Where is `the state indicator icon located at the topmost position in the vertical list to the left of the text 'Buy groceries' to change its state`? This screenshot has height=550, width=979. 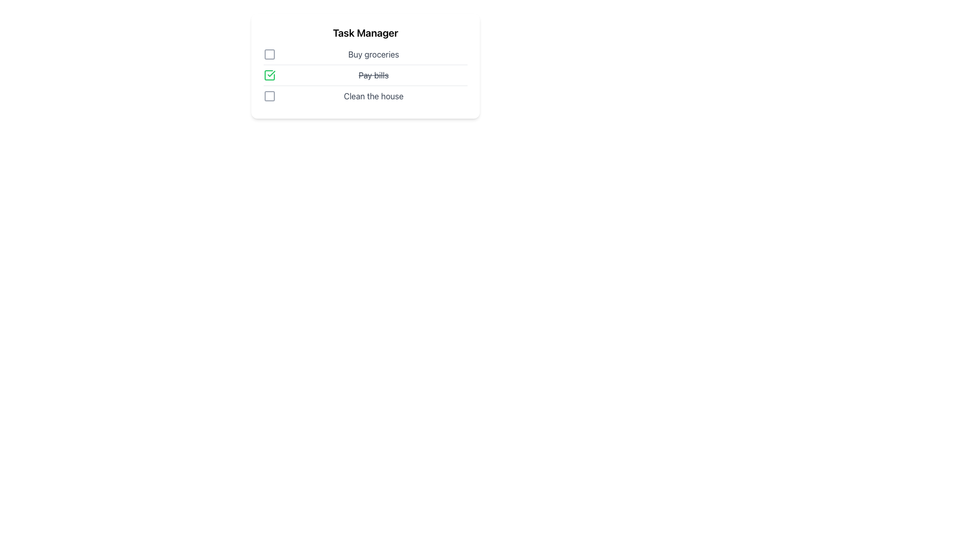 the state indicator icon located at the topmost position in the vertical list to the left of the text 'Buy groceries' to change its state is located at coordinates (269, 54).